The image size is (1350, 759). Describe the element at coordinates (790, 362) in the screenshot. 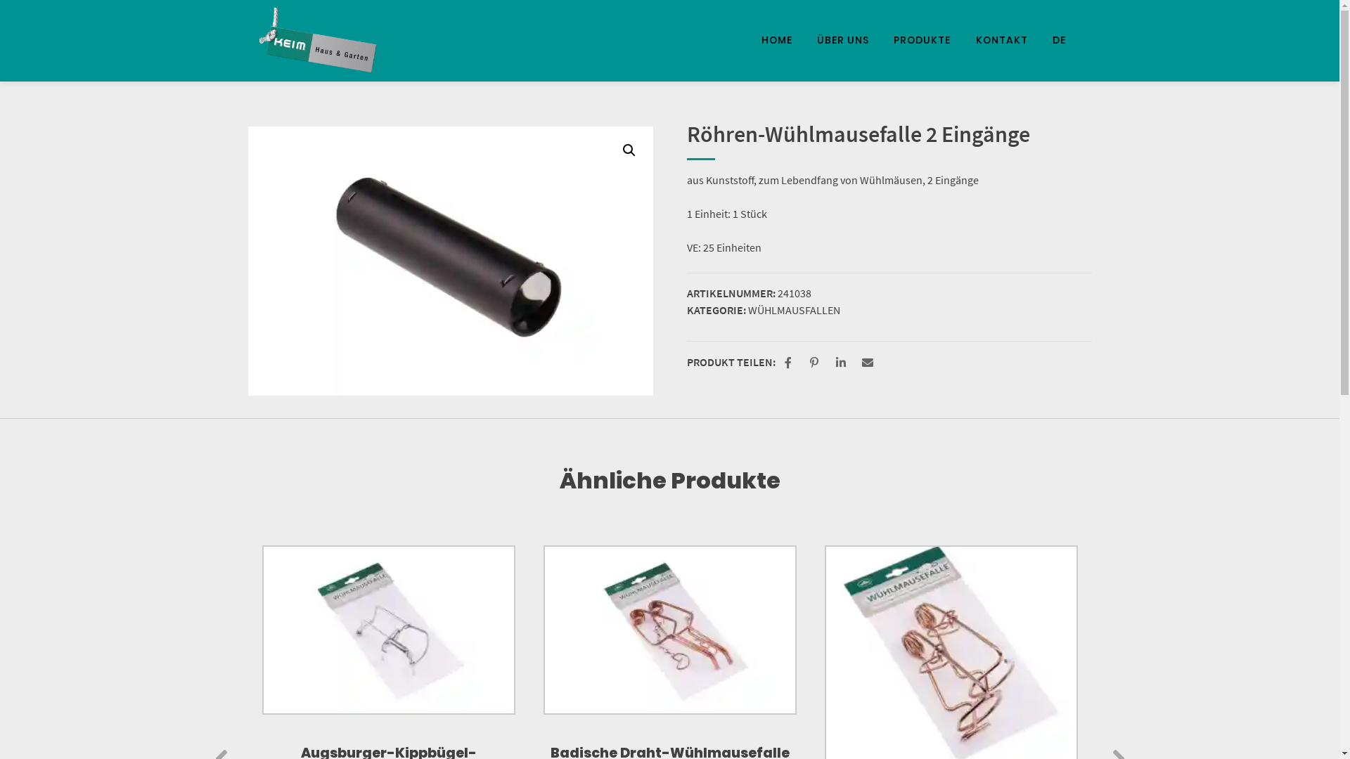

I see `'Bei Facebook teilen'` at that location.